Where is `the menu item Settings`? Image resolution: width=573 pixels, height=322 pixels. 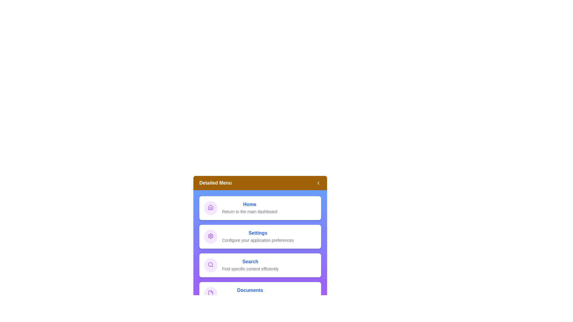 the menu item Settings is located at coordinates (260, 236).